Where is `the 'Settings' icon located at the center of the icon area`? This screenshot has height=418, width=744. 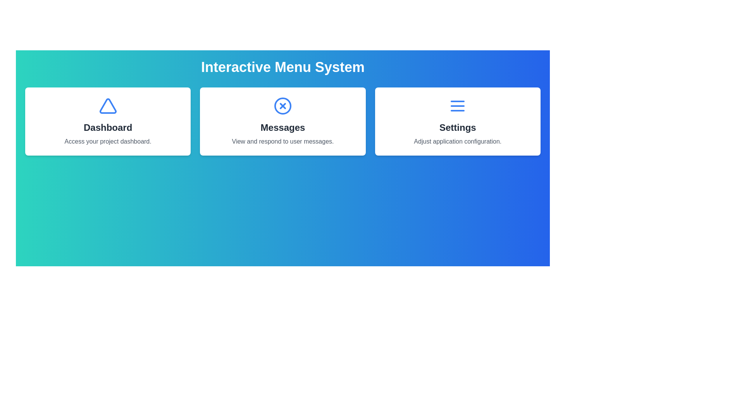
the 'Settings' icon located at the center of the icon area is located at coordinates (458, 106).